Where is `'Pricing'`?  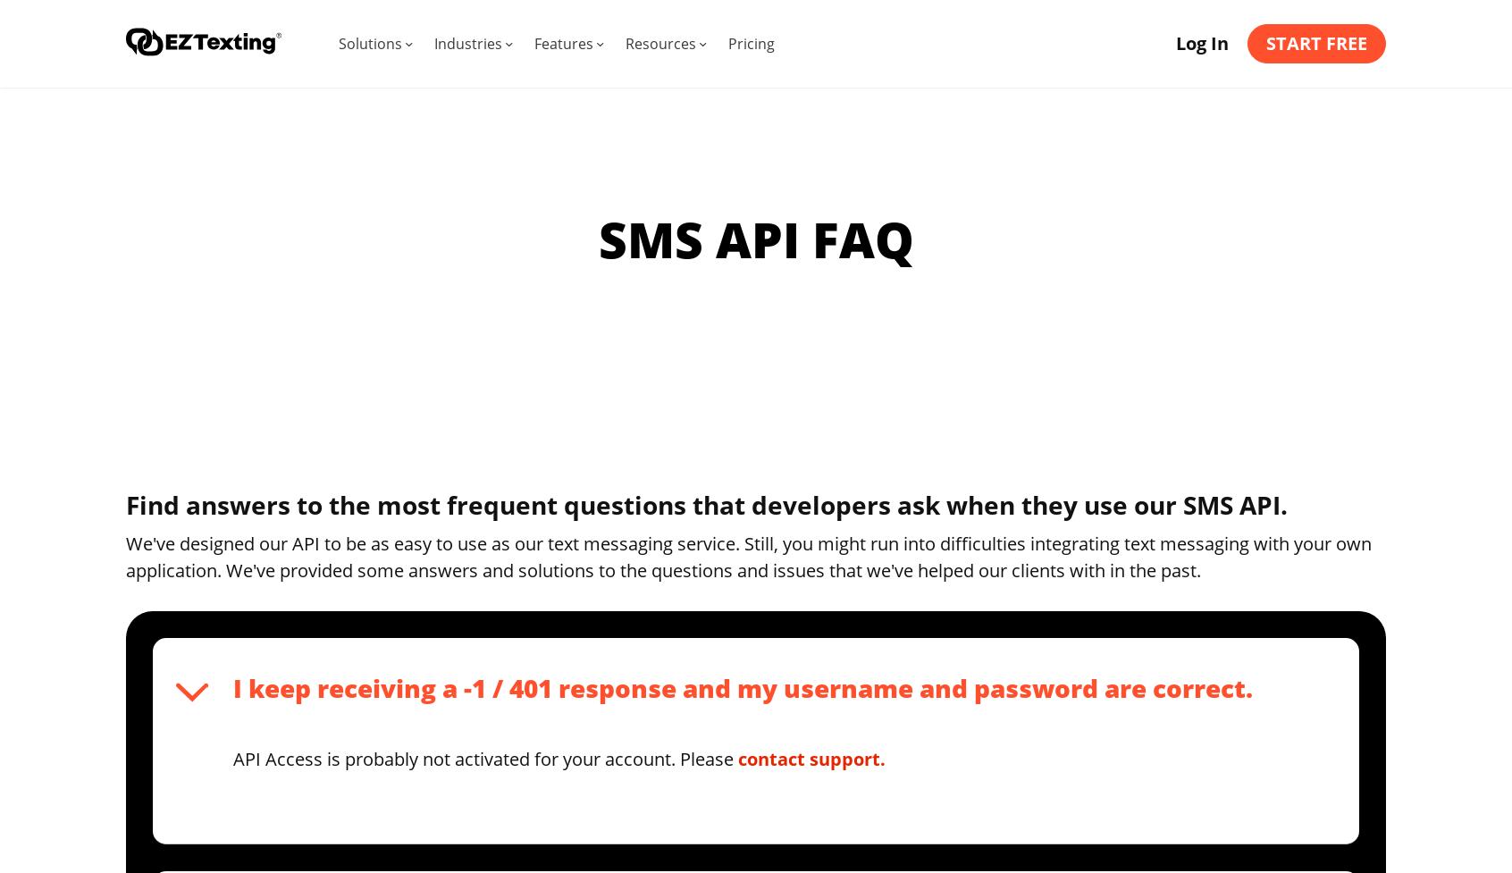
'Pricing' is located at coordinates (751, 44).